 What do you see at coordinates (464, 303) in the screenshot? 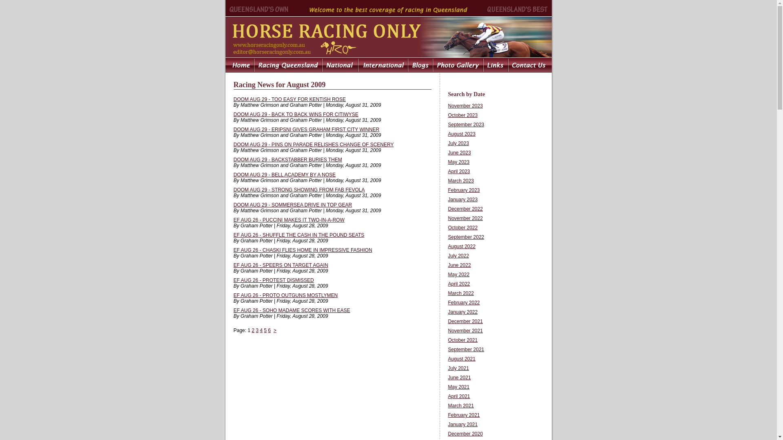
I see `'February 2022'` at bounding box center [464, 303].